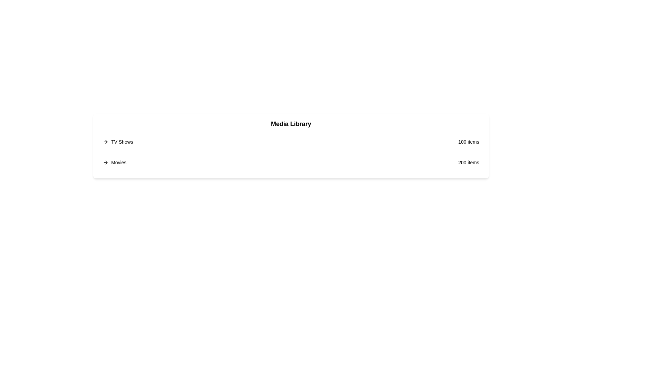 The image size is (661, 372). What do you see at coordinates (105, 142) in the screenshot?
I see `the rightward arrow icon positioned to the left of the 'TV Shows' label in the interface` at bounding box center [105, 142].